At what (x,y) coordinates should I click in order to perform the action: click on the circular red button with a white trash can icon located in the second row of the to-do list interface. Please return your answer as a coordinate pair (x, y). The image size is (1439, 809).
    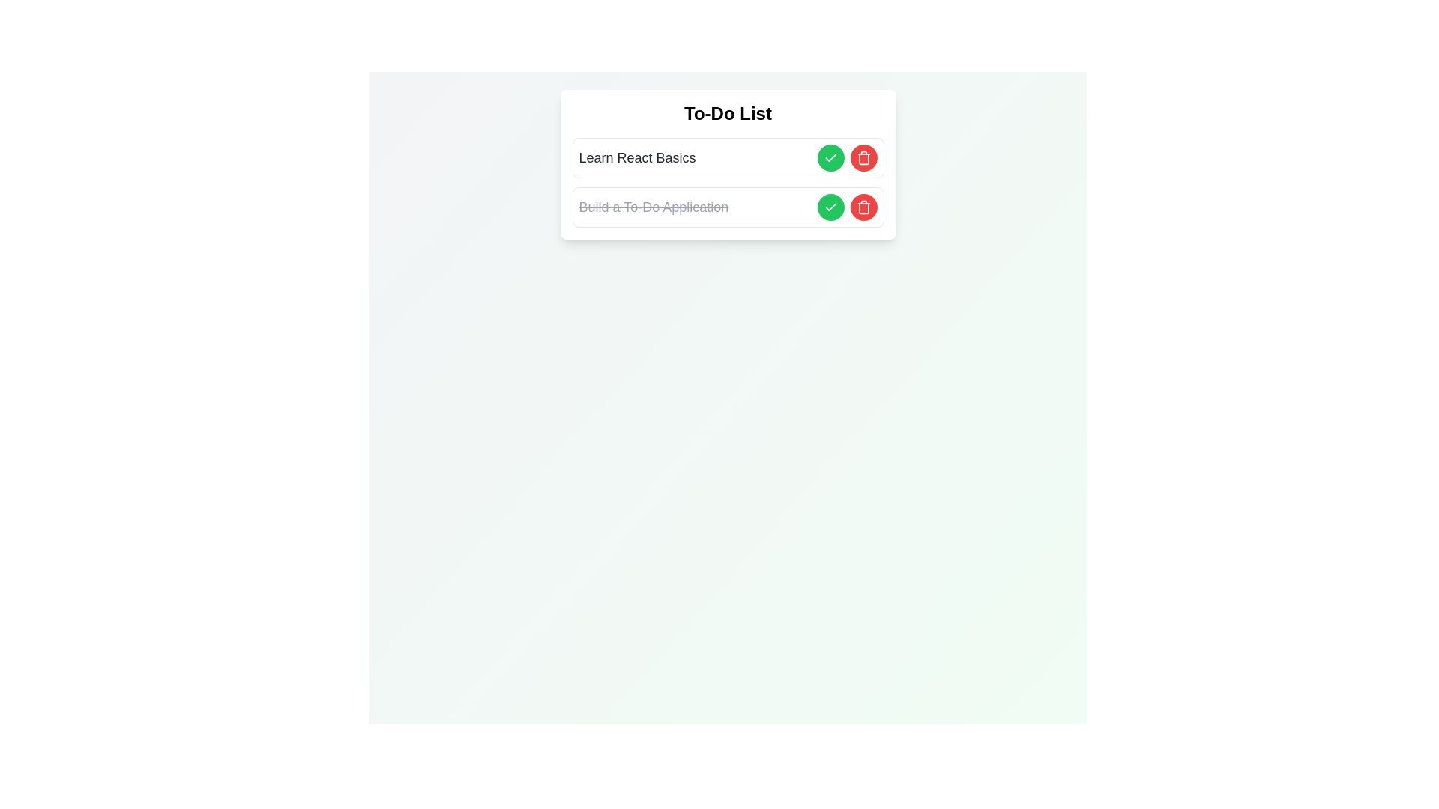
    Looking at the image, I should click on (863, 158).